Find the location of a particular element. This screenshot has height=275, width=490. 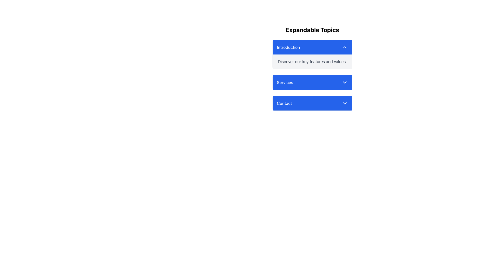

the expandable button located below the 'Services' button in the 'Expandable Topics' section for interaction is located at coordinates (312, 103).